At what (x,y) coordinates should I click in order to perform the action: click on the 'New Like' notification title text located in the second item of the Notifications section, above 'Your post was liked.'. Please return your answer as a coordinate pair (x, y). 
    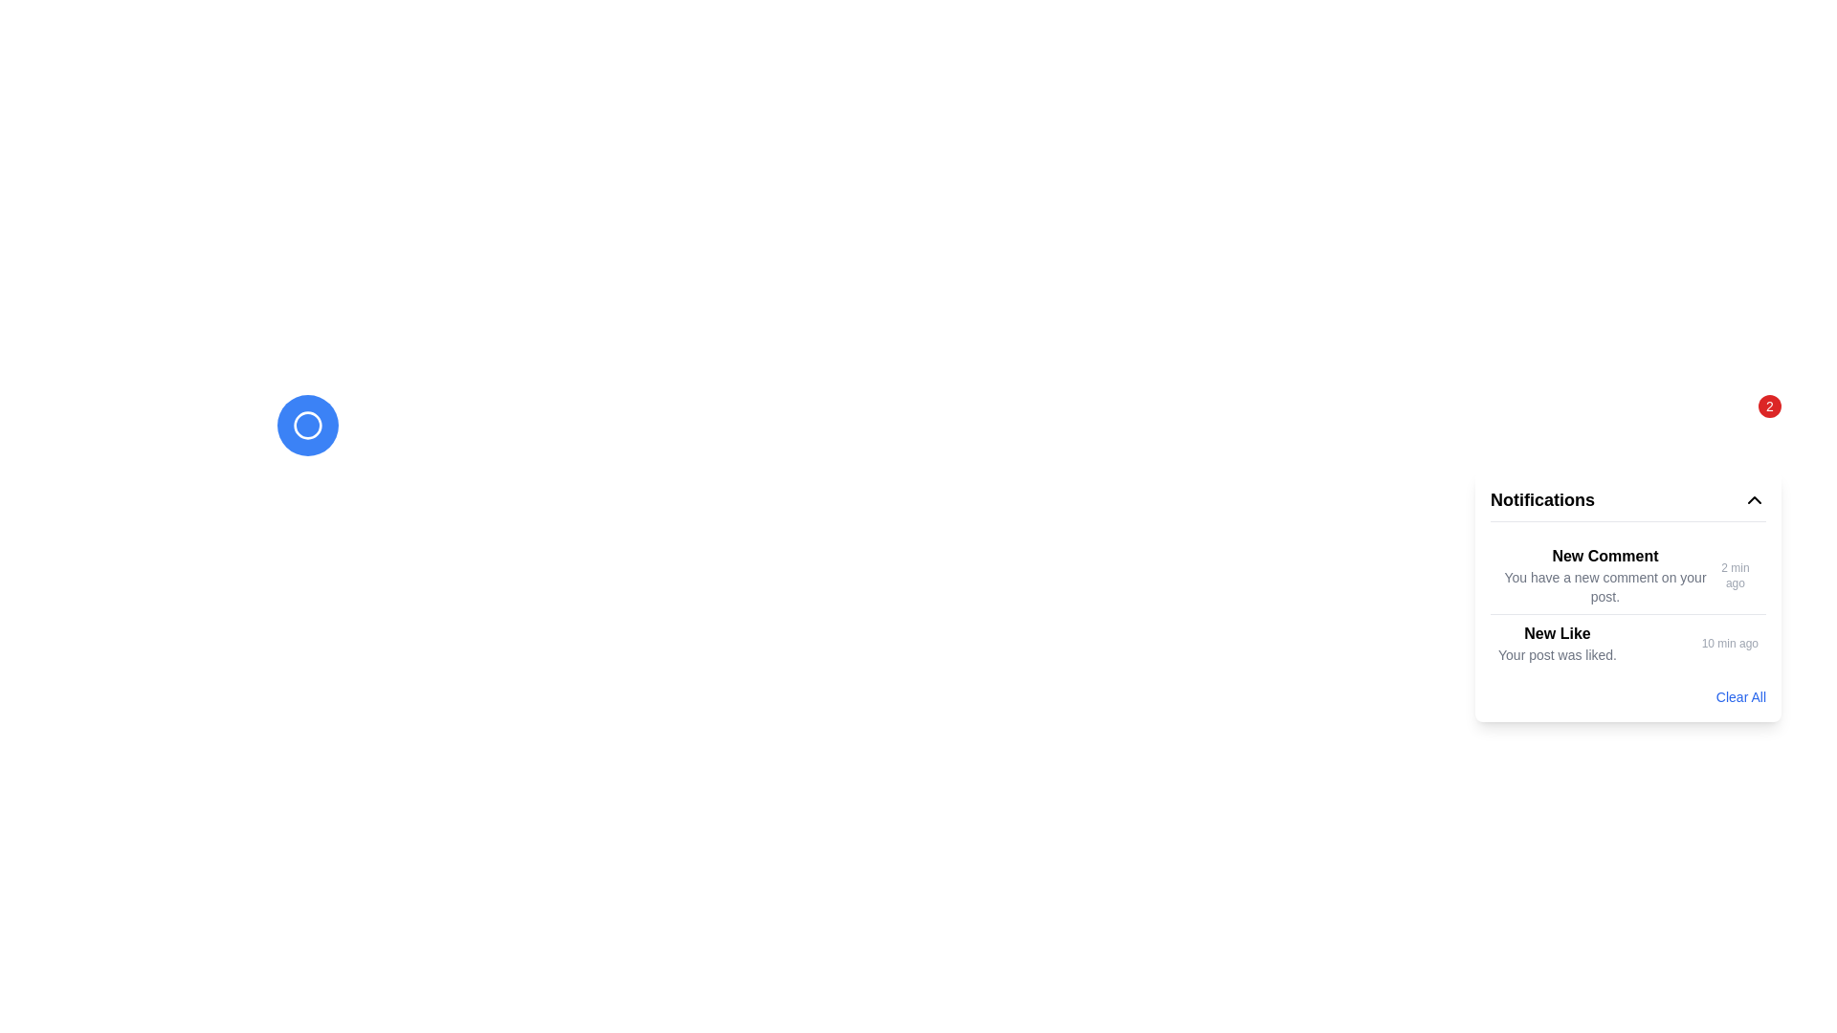
    Looking at the image, I should click on (1557, 634).